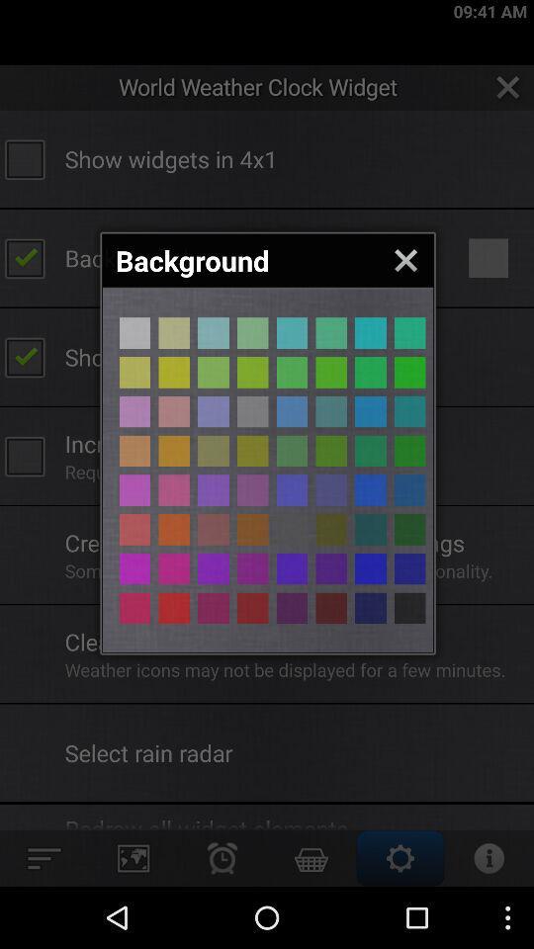  I want to click on color selection, so click(213, 568).